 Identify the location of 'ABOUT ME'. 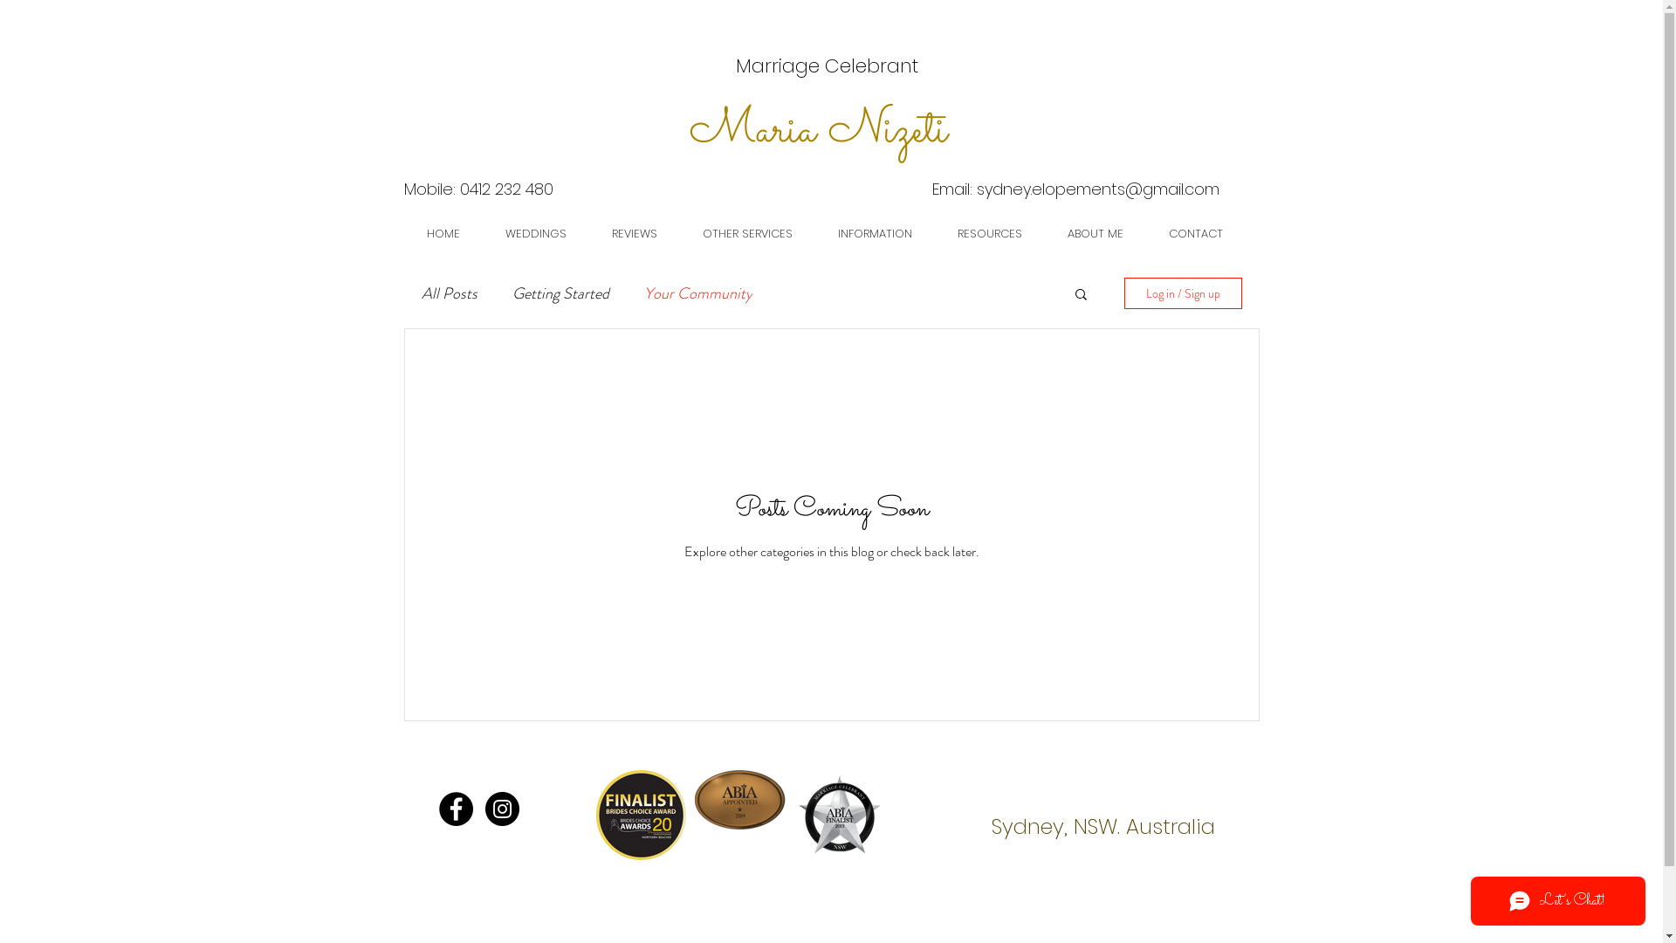
(1093, 232).